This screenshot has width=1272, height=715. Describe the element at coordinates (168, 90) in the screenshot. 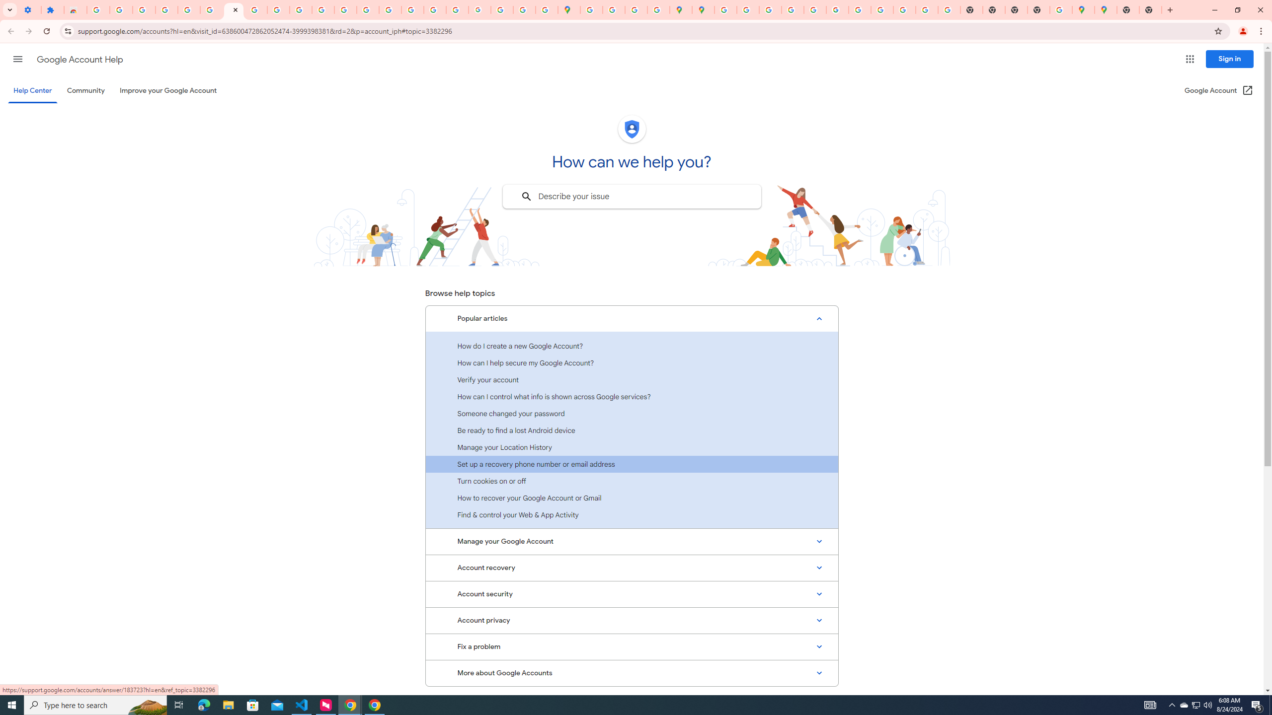

I see `'Improve your Google Account'` at that location.